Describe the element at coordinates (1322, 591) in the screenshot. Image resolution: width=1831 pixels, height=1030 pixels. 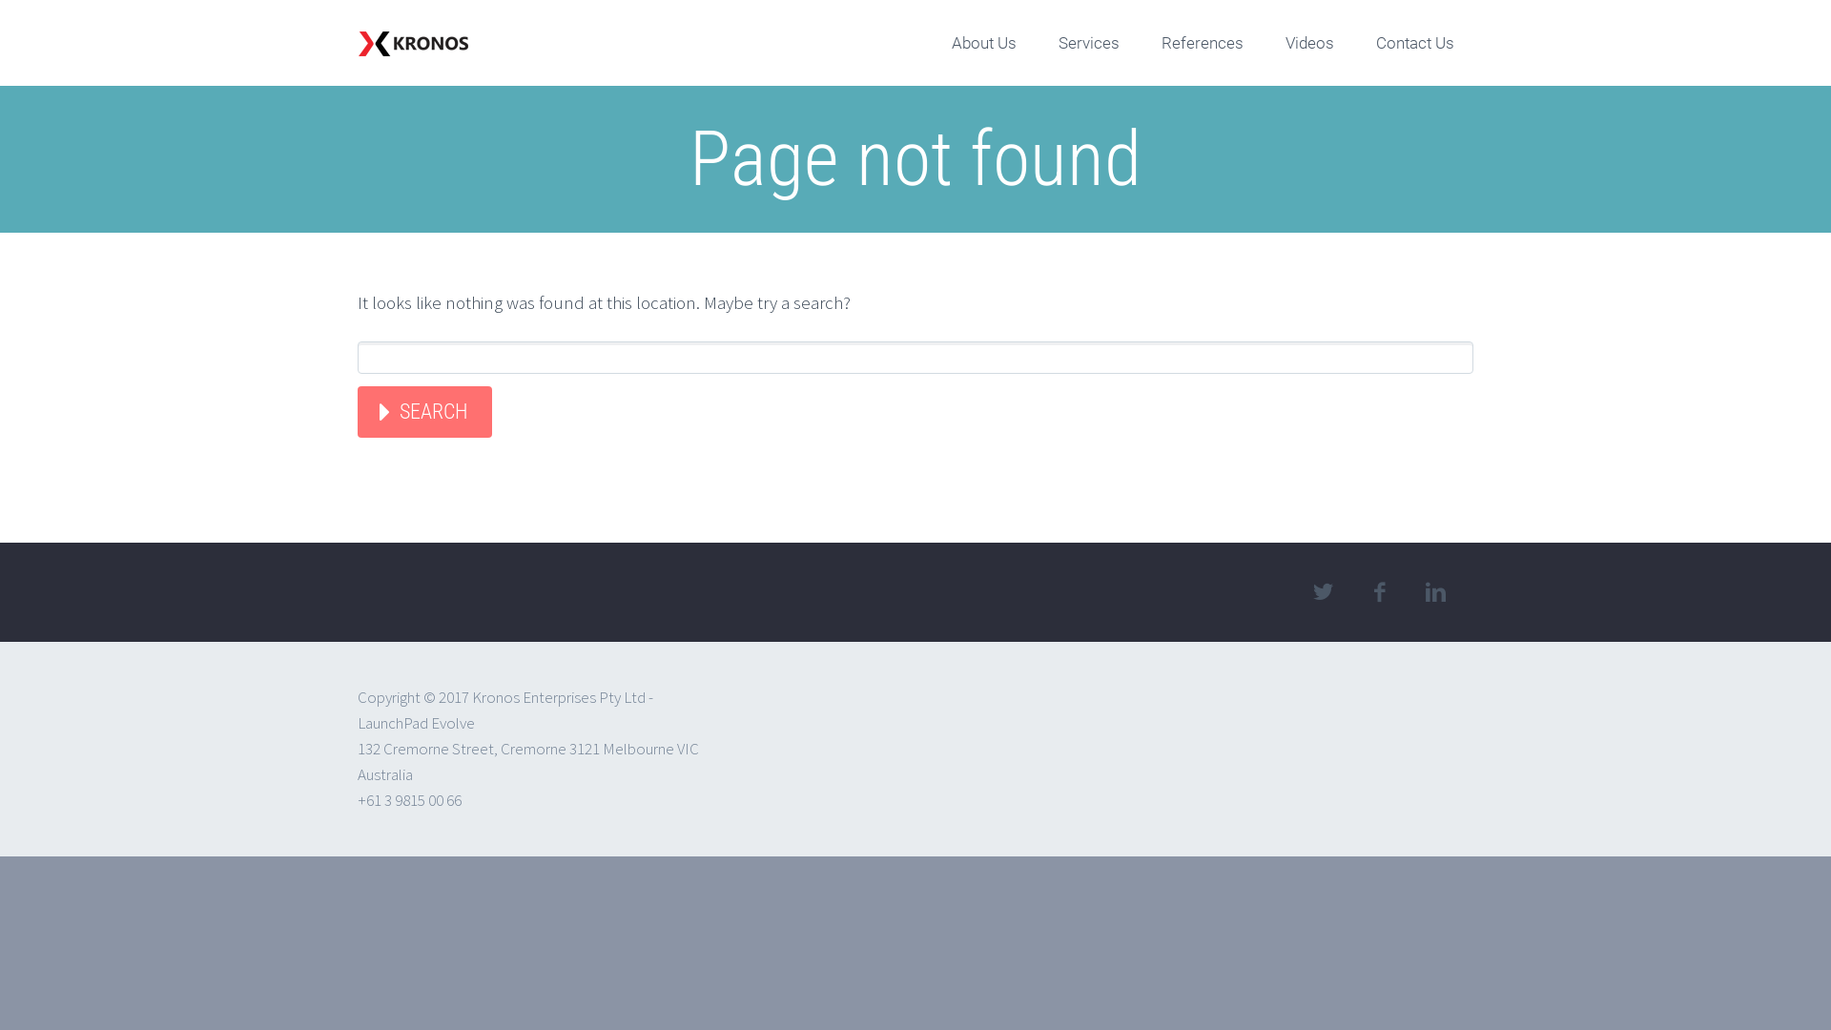
I see `'twitter'` at that location.